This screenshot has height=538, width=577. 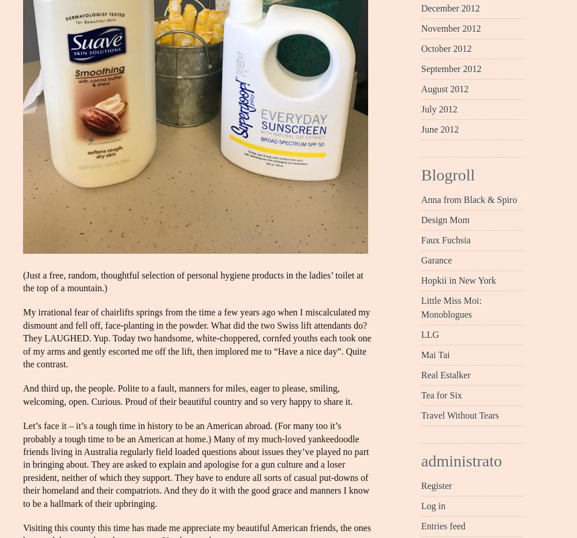 I want to click on 'September 2012', so click(x=451, y=67).